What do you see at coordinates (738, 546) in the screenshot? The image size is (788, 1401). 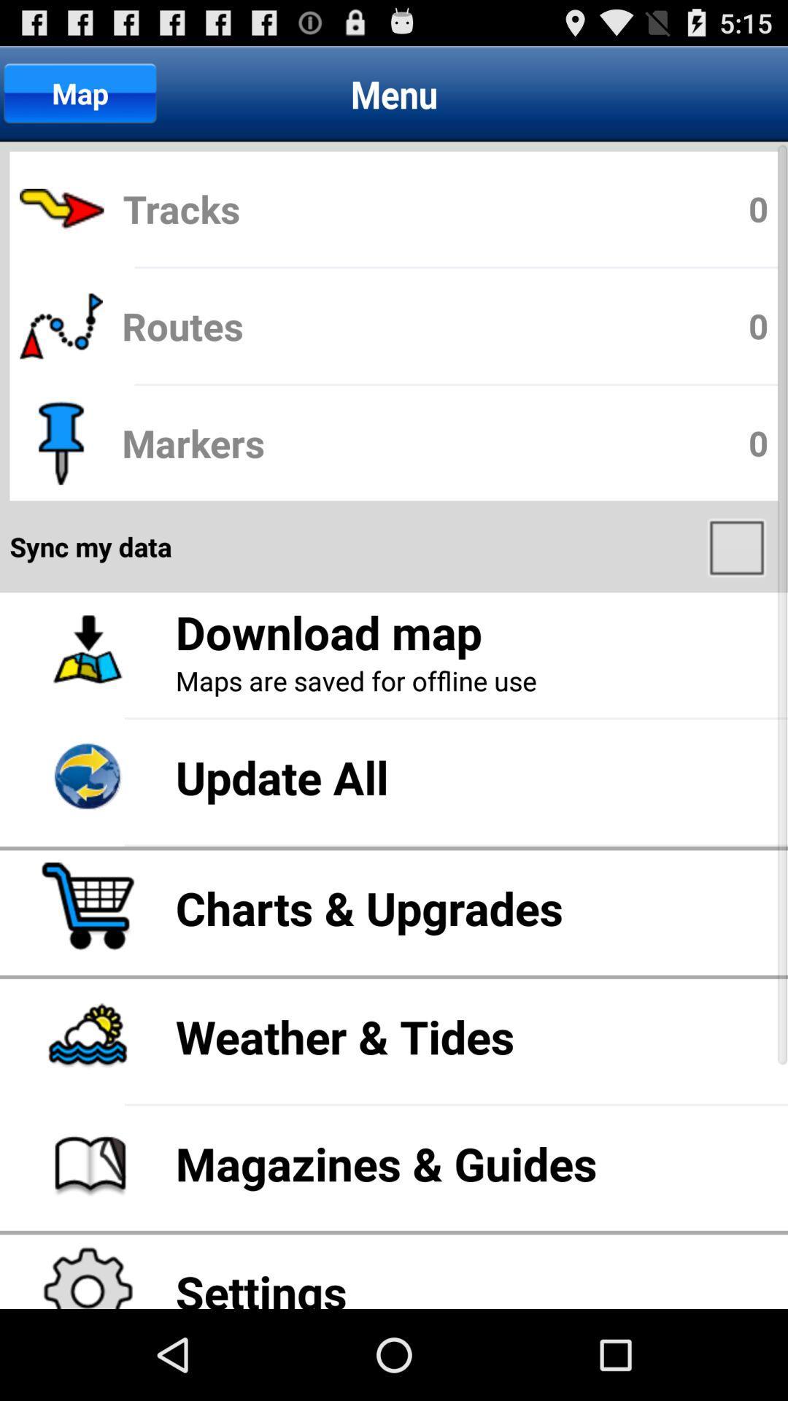 I see `the item to the right of the sync my data item` at bounding box center [738, 546].